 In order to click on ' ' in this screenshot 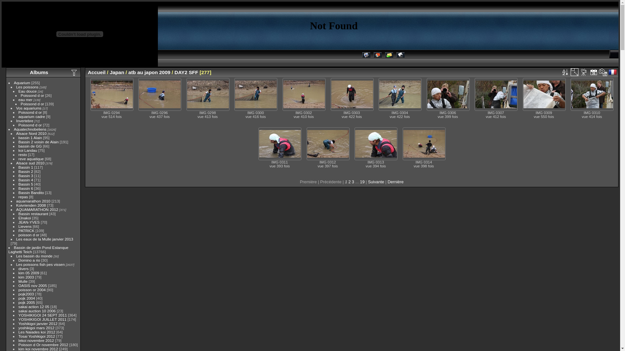, I will do `click(579, 72)`.